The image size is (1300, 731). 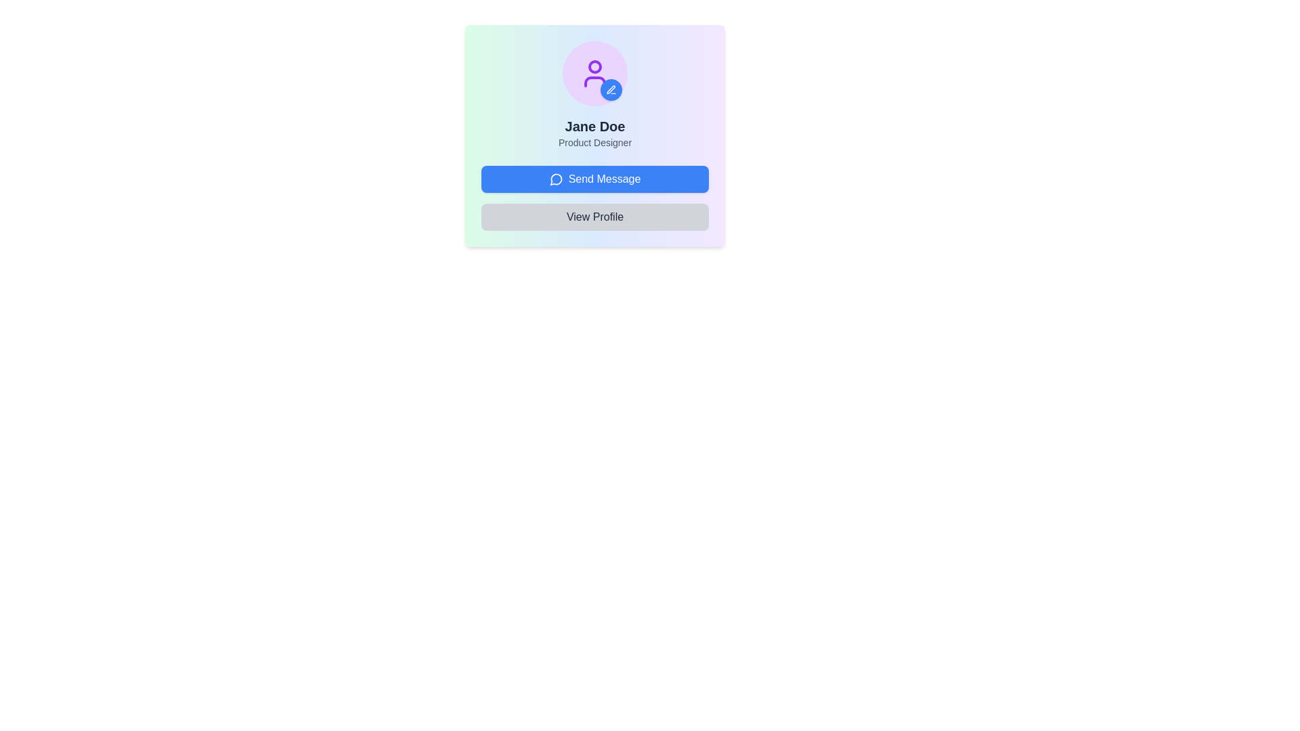 I want to click on the circular icon with a purple border and white fill, which is positioned near the top of the user avatar illustration, so click(x=594, y=67).